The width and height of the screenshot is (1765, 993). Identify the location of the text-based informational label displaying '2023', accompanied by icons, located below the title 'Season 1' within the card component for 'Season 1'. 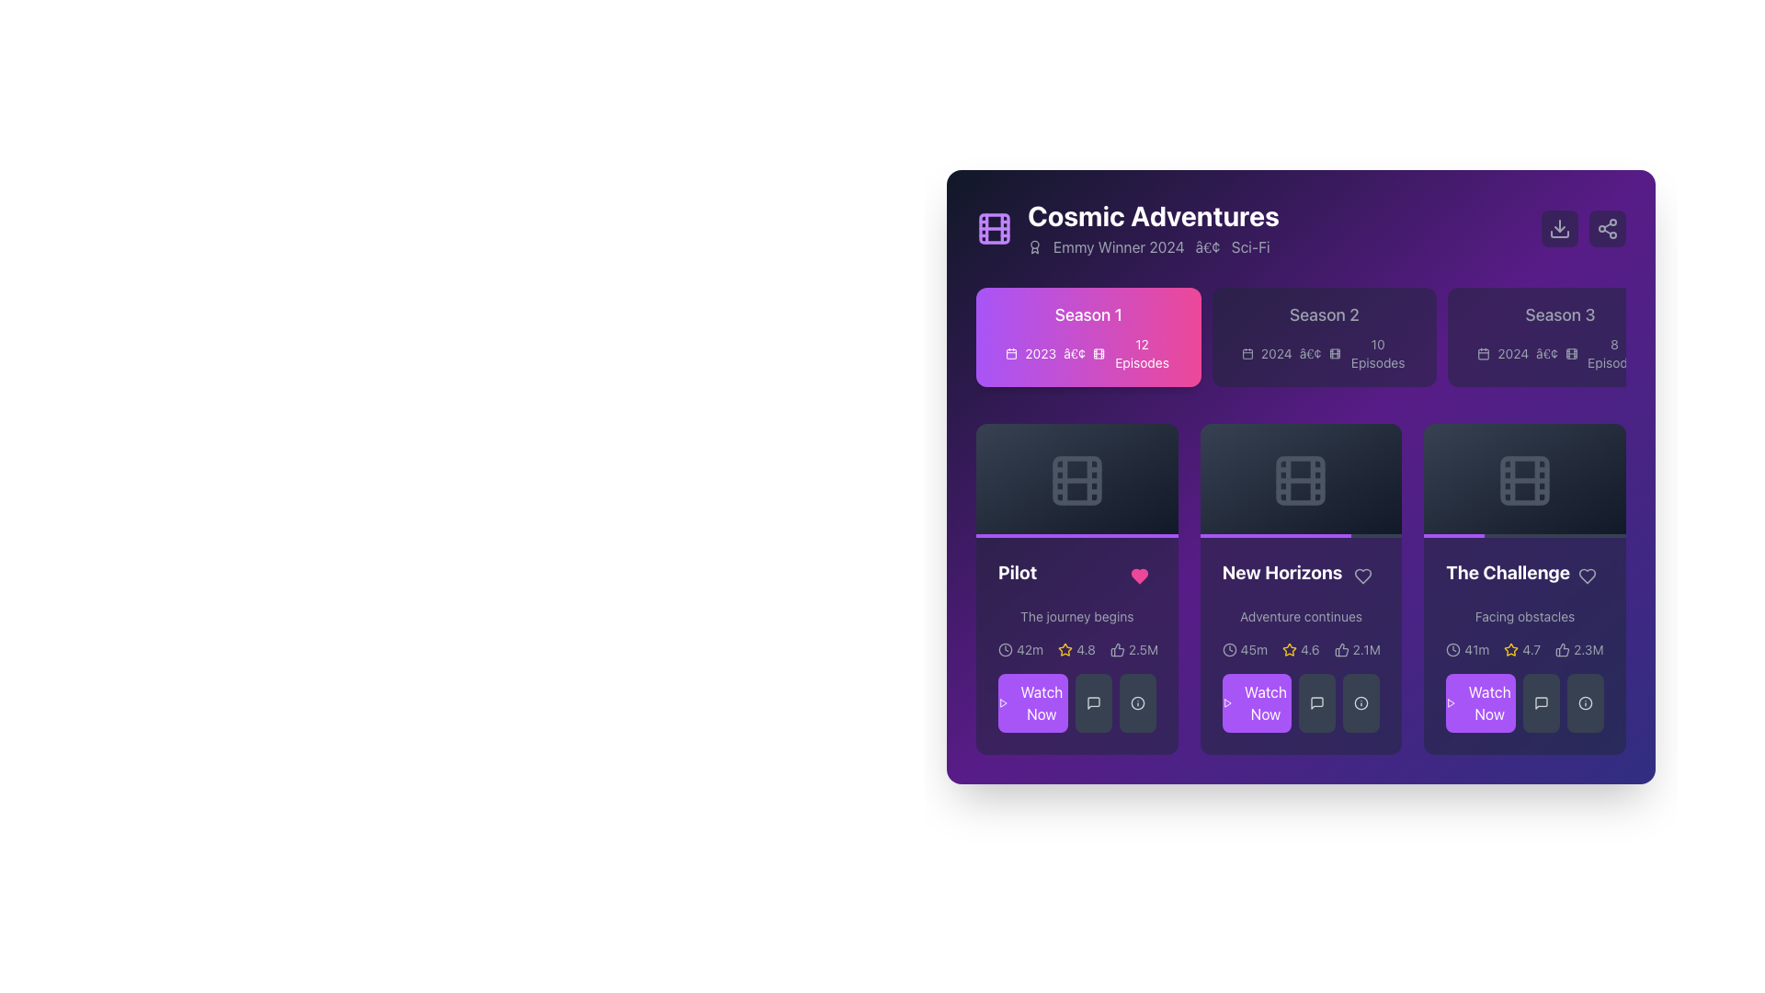
(1088, 354).